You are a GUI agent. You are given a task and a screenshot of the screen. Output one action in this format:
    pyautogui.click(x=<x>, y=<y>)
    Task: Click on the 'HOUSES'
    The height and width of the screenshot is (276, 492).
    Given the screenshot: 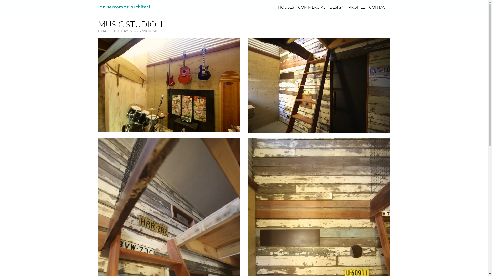 What is the action you would take?
    pyautogui.click(x=285, y=7)
    